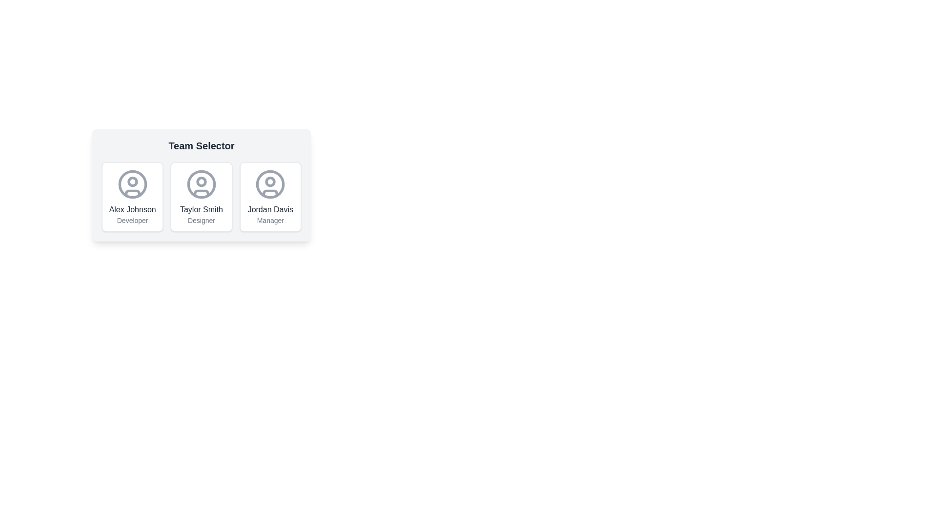  Describe the element at coordinates (201, 193) in the screenshot. I see `the bottom-most segment of the user profile icon representing Taylor Smith, Designer, which is a semicircular line mimicking shoulders` at that location.